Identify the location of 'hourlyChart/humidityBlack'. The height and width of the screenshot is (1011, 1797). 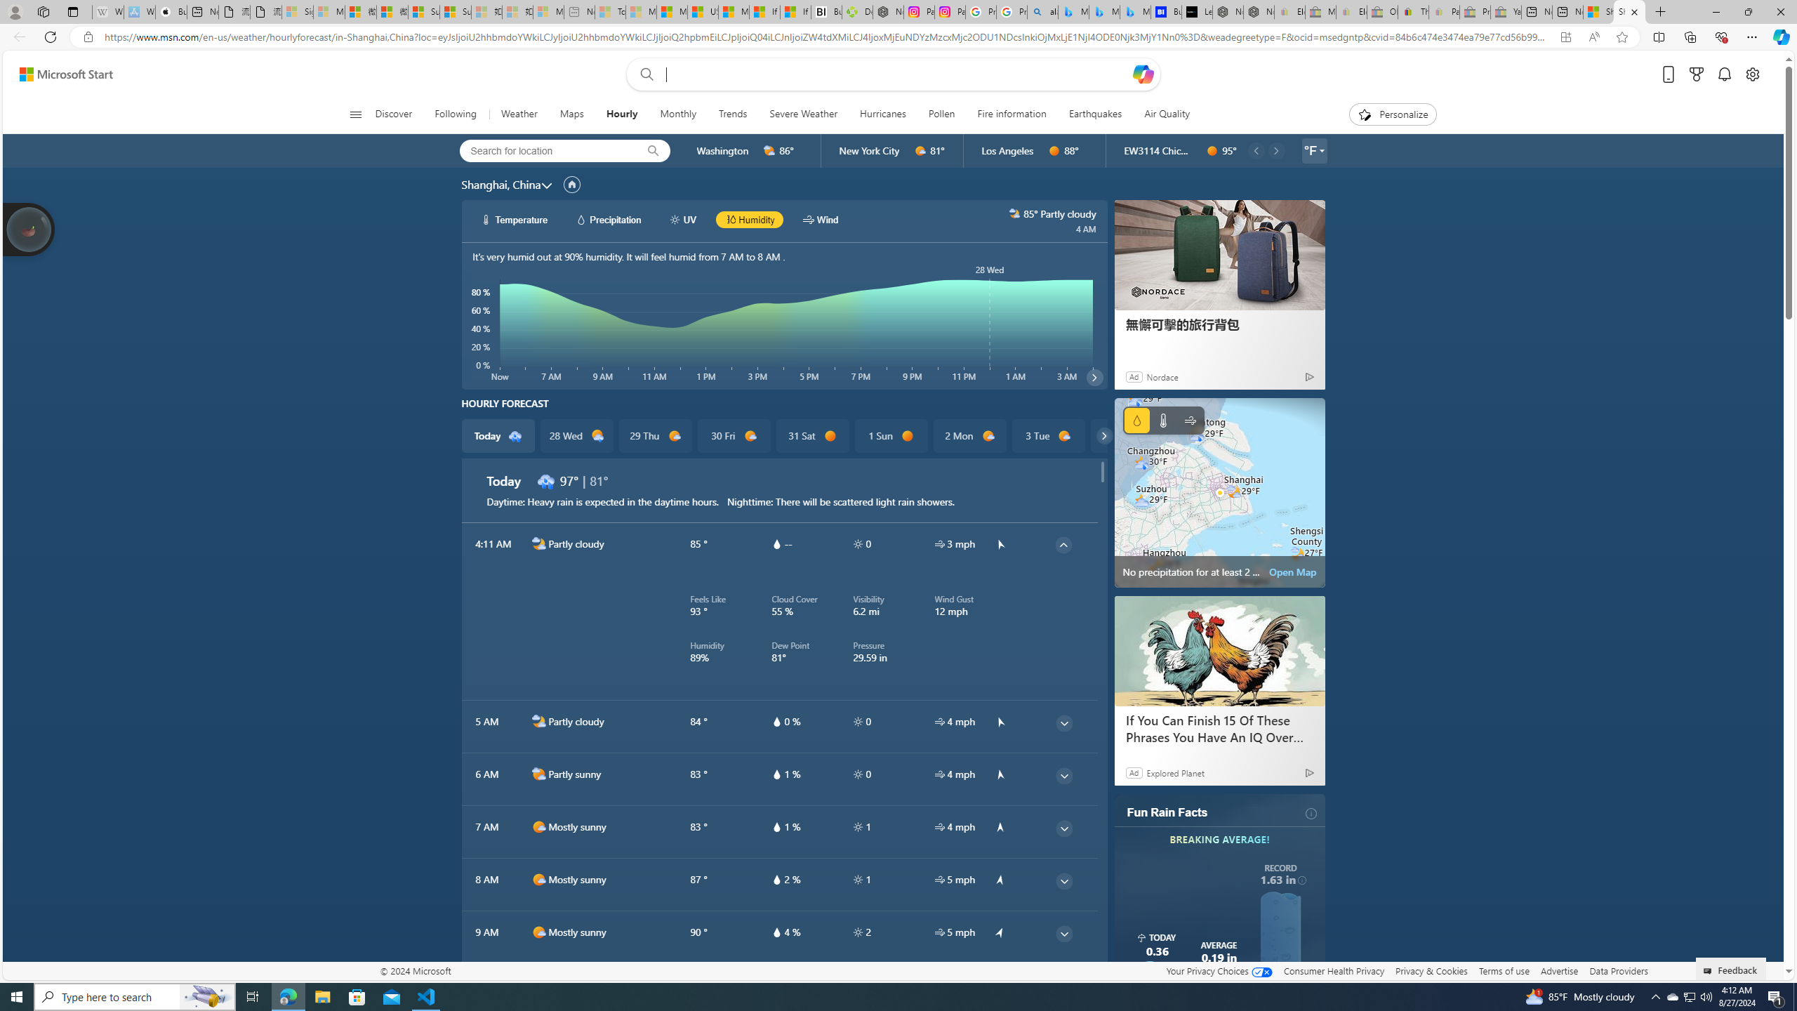
(729, 218).